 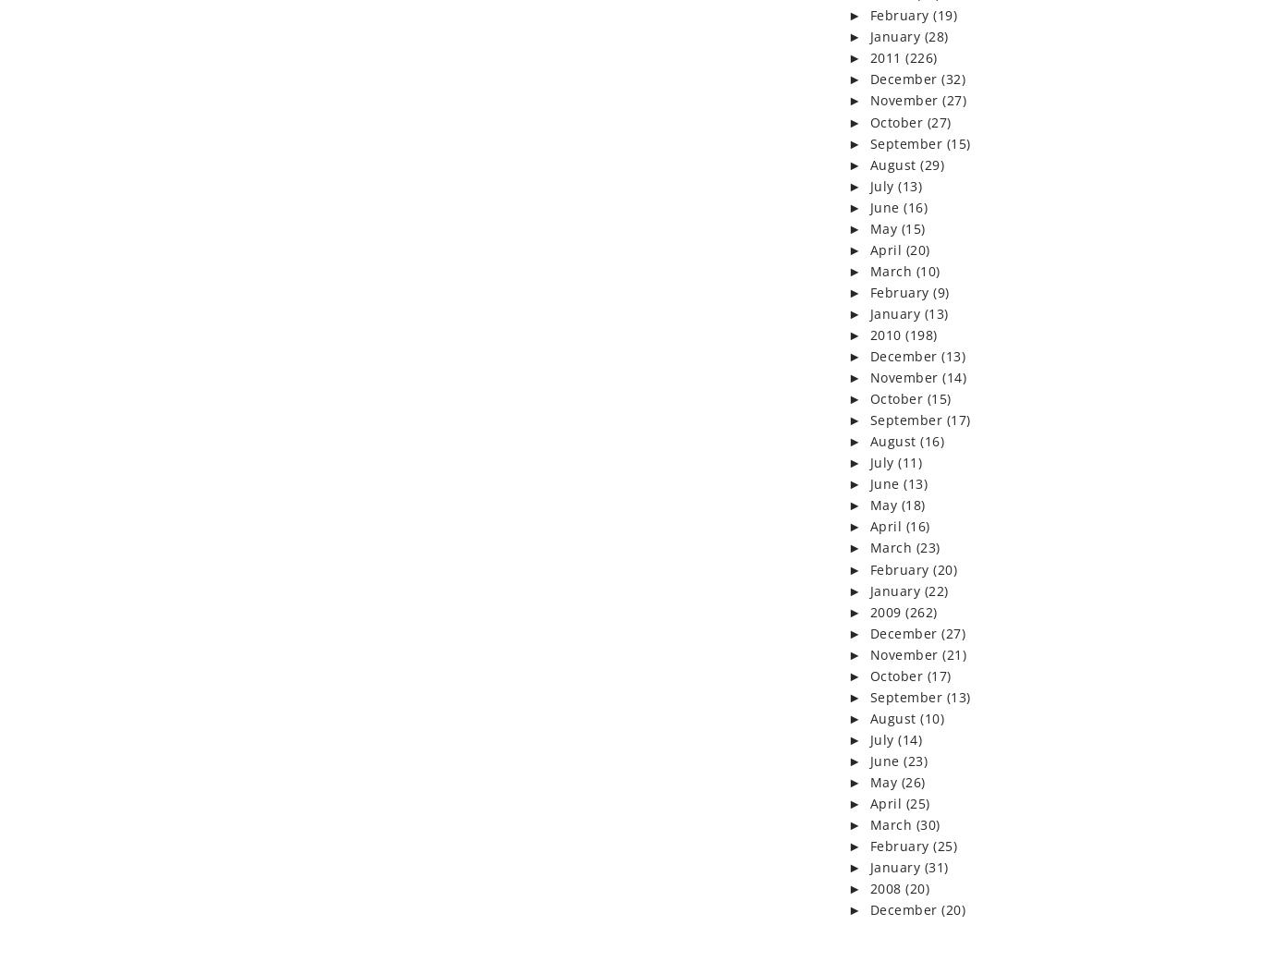 What do you see at coordinates (898, 461) in the screenshot?
I see `'(11)'` at bounding box center [898, 461].